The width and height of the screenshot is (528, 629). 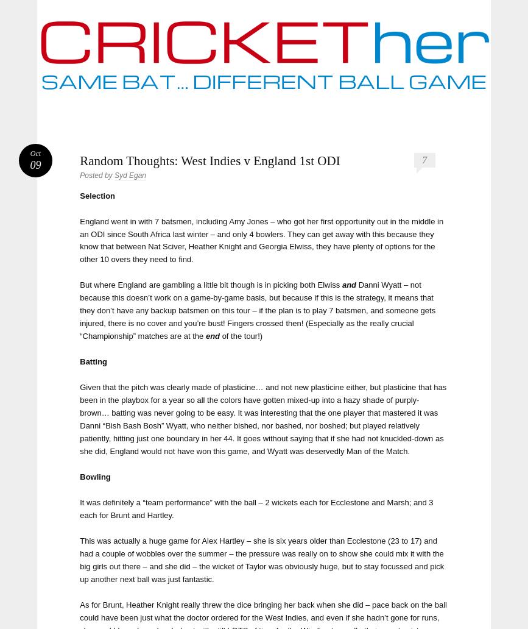 What do you see at coordinates (212, 336) in the screenshot?
I see `'end'` at bounding box center [212, 336].